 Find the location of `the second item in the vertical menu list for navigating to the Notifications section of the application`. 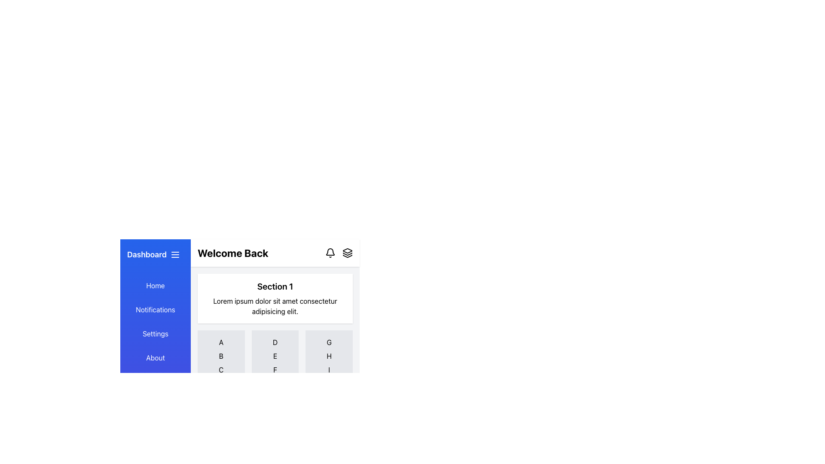

the second item in the vertical menu list for navigating to the Notifications section of the application is located at coordinates (155, 310).